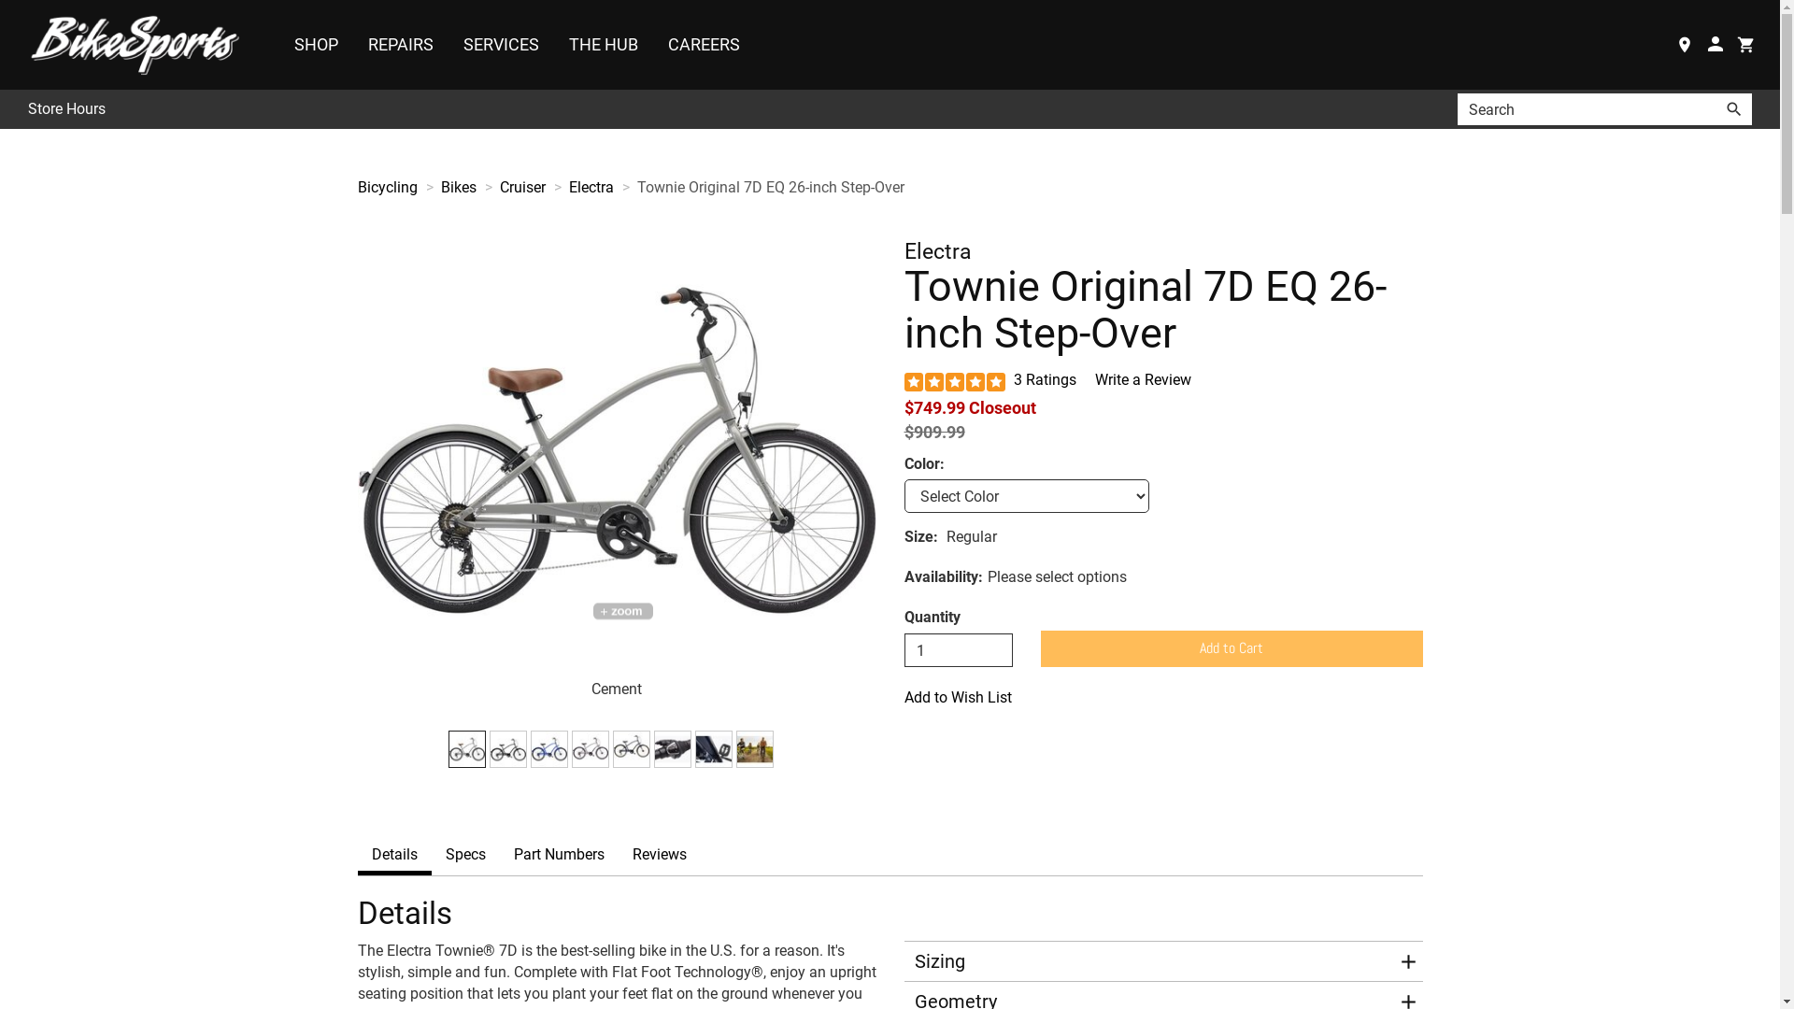  I want to click on 'Bicycling', so click(385, 187).